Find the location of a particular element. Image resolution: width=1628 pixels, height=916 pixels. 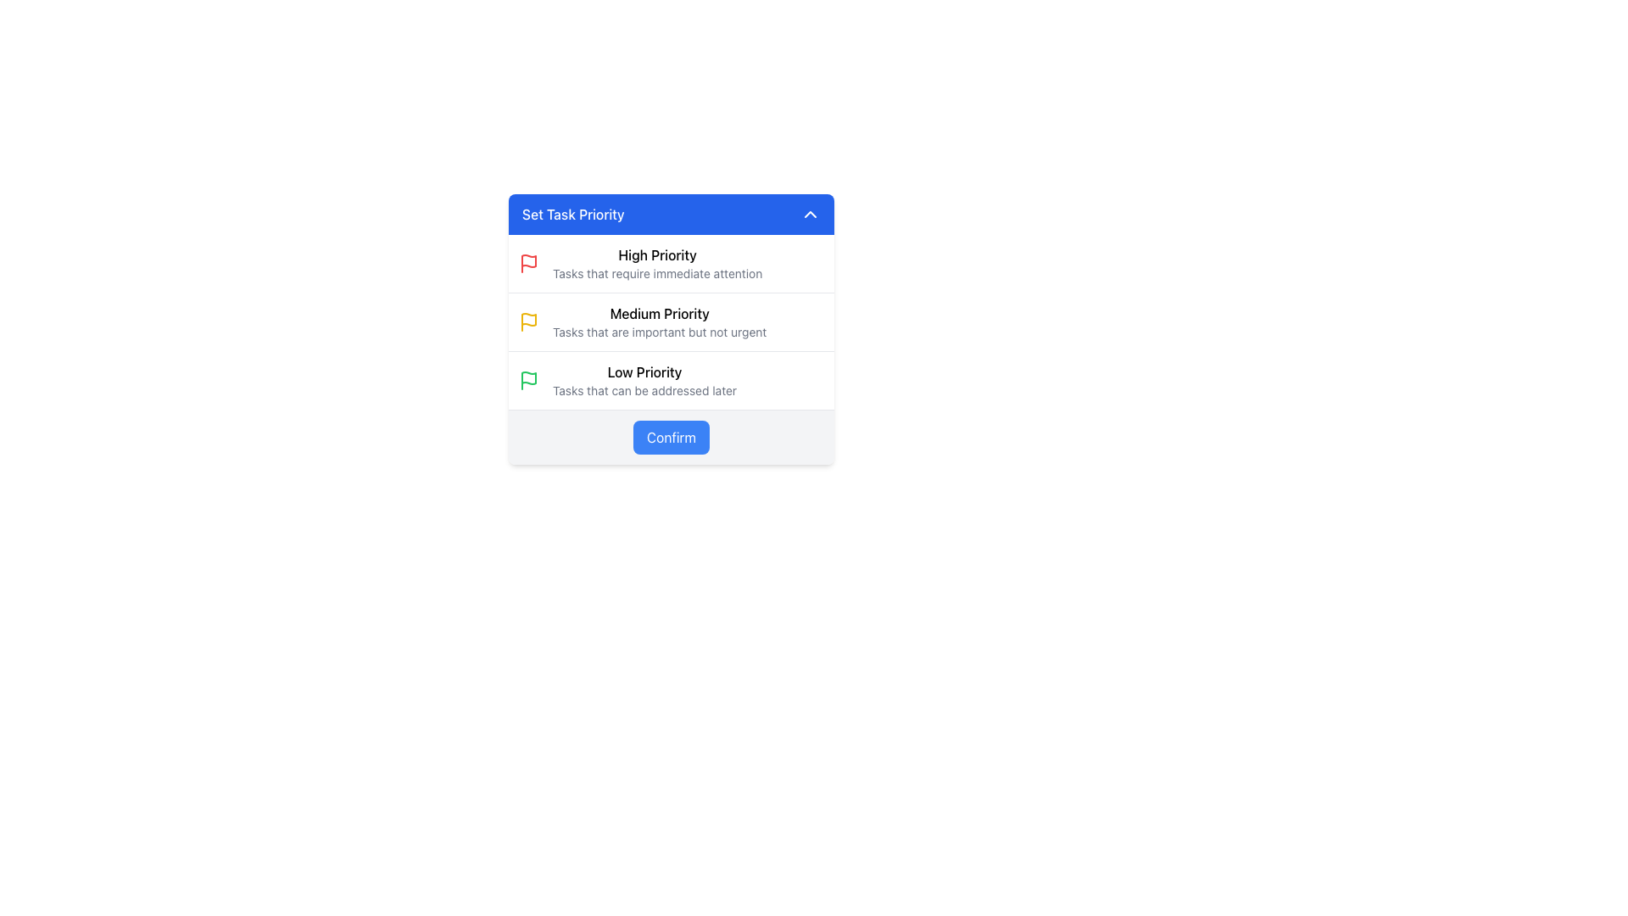

the text label that provides a description for the 'High Priority' category, located directly underneath the 'High Priority' label in the priority selection dialog is located at coordinates (656, 273).